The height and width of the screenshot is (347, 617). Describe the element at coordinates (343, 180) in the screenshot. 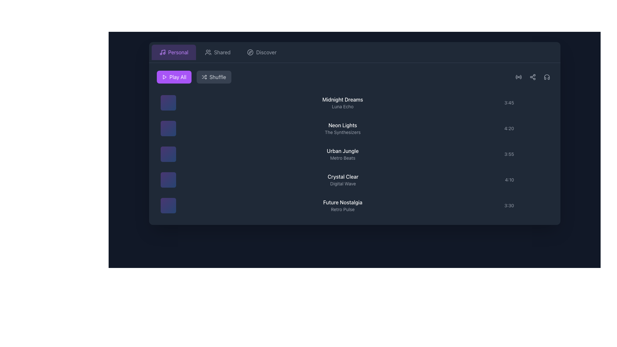

I see `the Text Component displaying 'Crystal Clear' and 'Digital Wave', which is the fourth item in the list, located in the middle section of the content panel` at that location.